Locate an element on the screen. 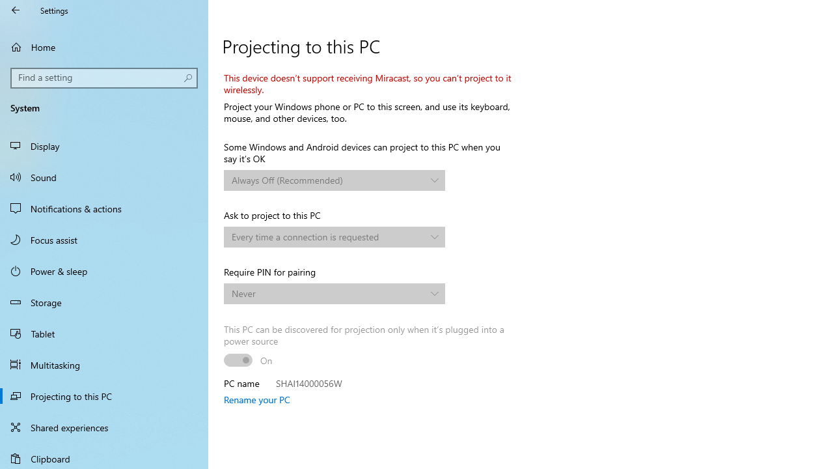 The image size is (833, 469). 'Power & sleep' is located at coordinates (104, 270).